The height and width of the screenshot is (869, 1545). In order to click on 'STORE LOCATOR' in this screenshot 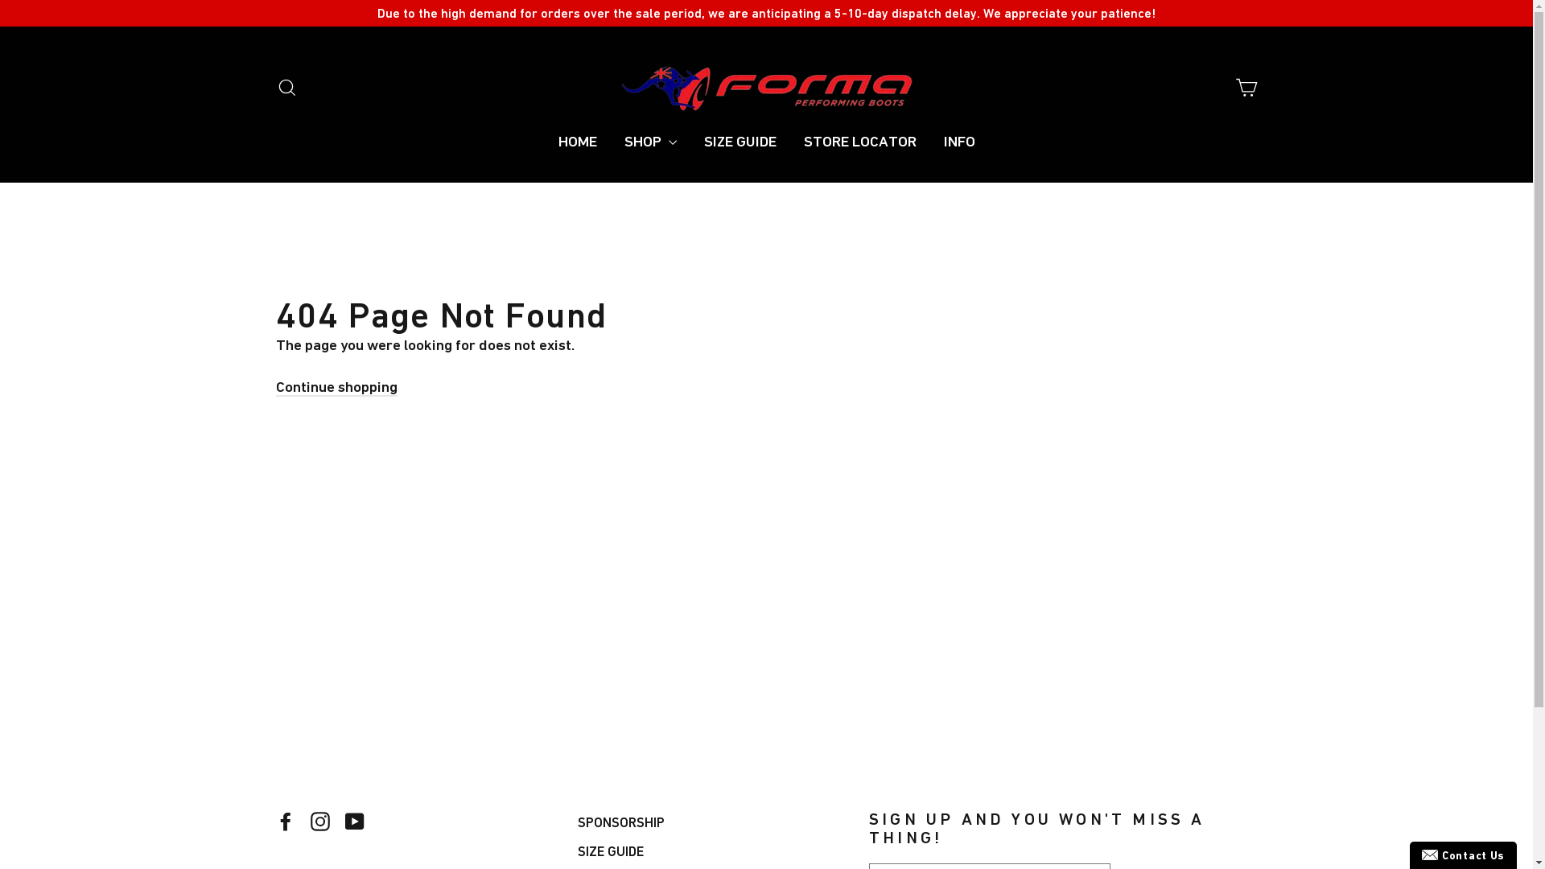, I will do `click(791, 141)`.